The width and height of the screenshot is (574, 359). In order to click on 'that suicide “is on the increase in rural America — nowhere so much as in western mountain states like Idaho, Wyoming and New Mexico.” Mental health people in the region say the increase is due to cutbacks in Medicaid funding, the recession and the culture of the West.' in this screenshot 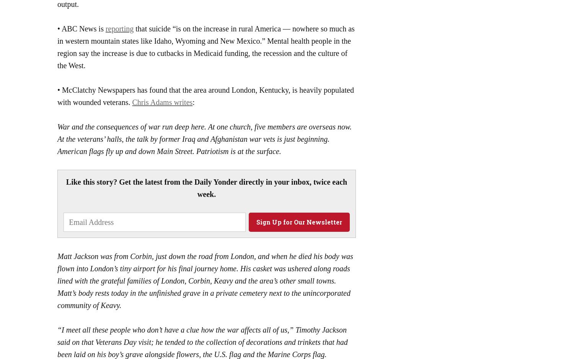, I will do `click(206, 46)`.